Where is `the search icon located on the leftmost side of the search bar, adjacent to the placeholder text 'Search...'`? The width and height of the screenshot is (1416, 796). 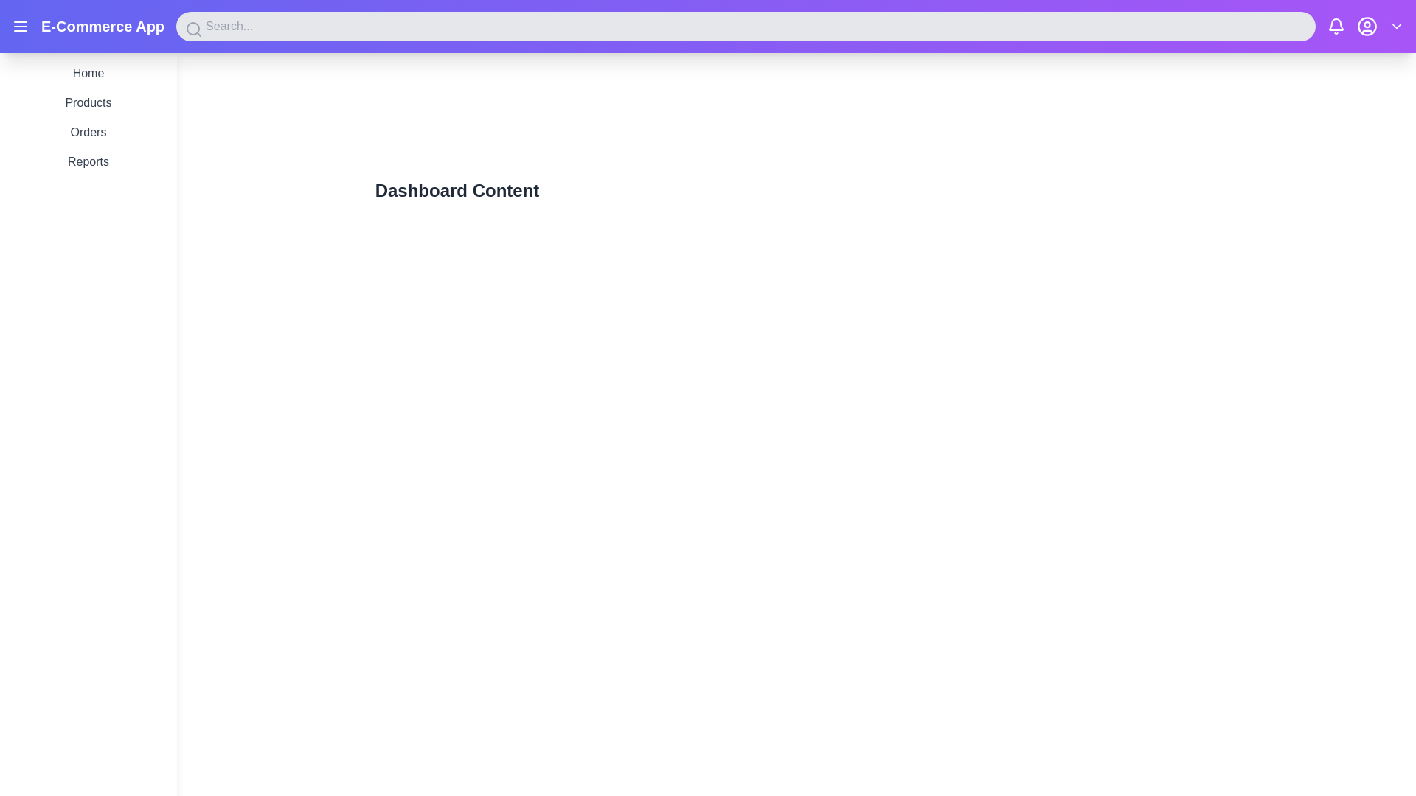 the search icon located on the leftmost side of the search bar, adjacent to the placeholder text 'Search...' is located at coordinates (193, 29).